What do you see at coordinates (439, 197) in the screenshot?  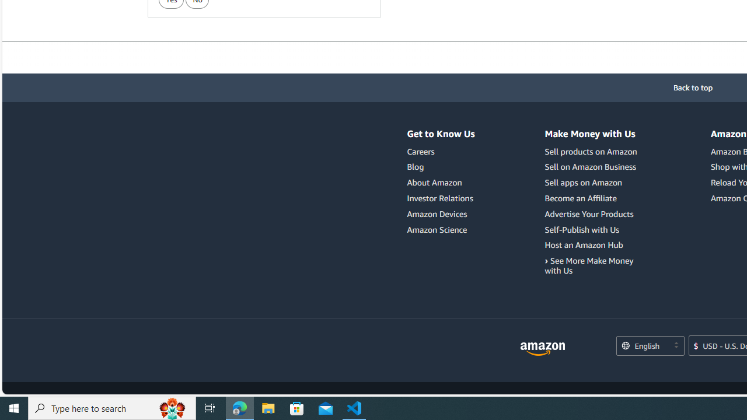 I see `'Investor Relations'` at bounding box center [439, 197].